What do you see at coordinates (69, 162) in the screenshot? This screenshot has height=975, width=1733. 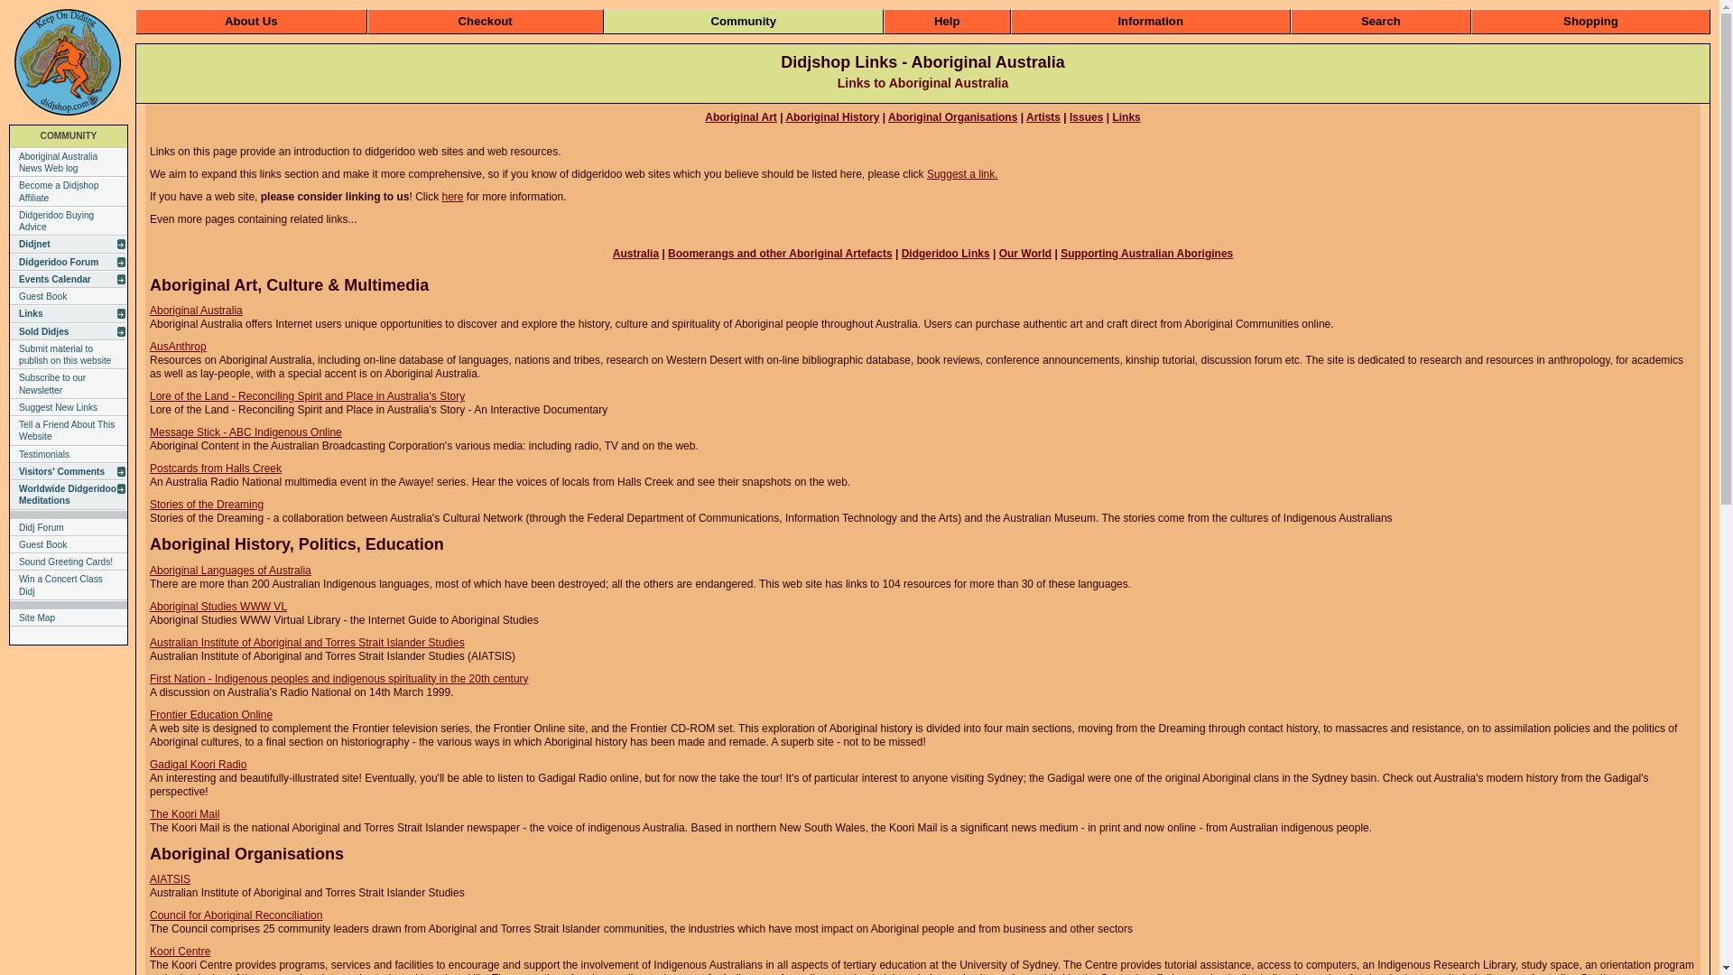 I see `'Aboriginal Australia News Web log'` at bounding box center [69, 162].